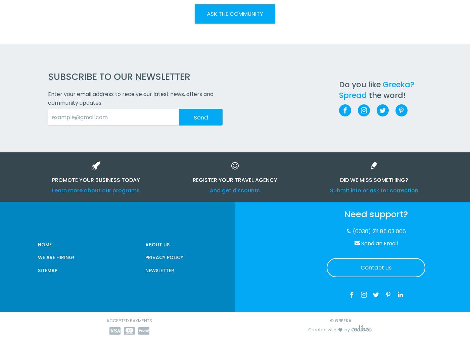 The height and width of the screenshot is (344, 470). Describe the element at coordinates (207, 14) in the screenshot. I see `'ASK THE COMMUNITY'` at that location.